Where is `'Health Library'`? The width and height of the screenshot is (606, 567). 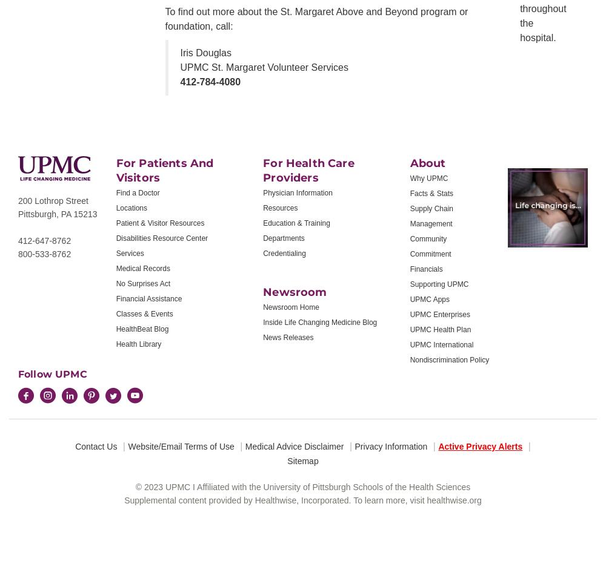 'Health Library' is located at coordinates (115, 344).